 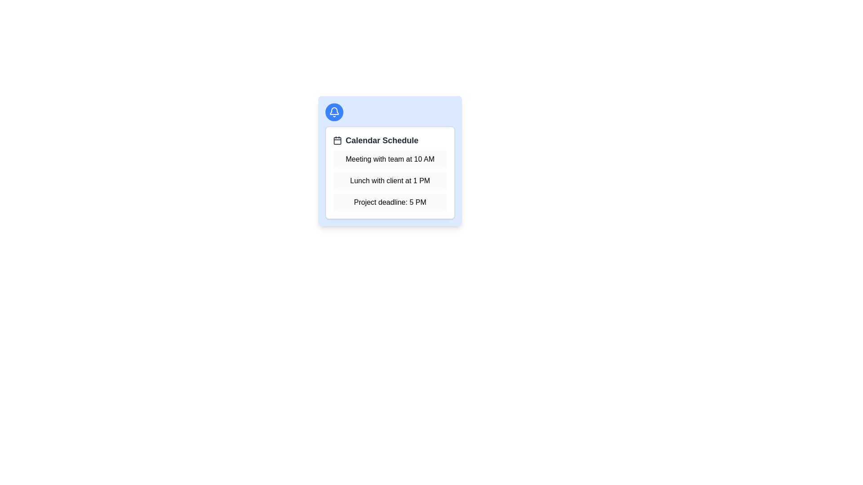 What do you see at coordinates (334, 112) in the screenshot?
I see `the bell icon with a blue background and white outlines located in the top-left corner of the notification center button` at bounding box center [334, 112].